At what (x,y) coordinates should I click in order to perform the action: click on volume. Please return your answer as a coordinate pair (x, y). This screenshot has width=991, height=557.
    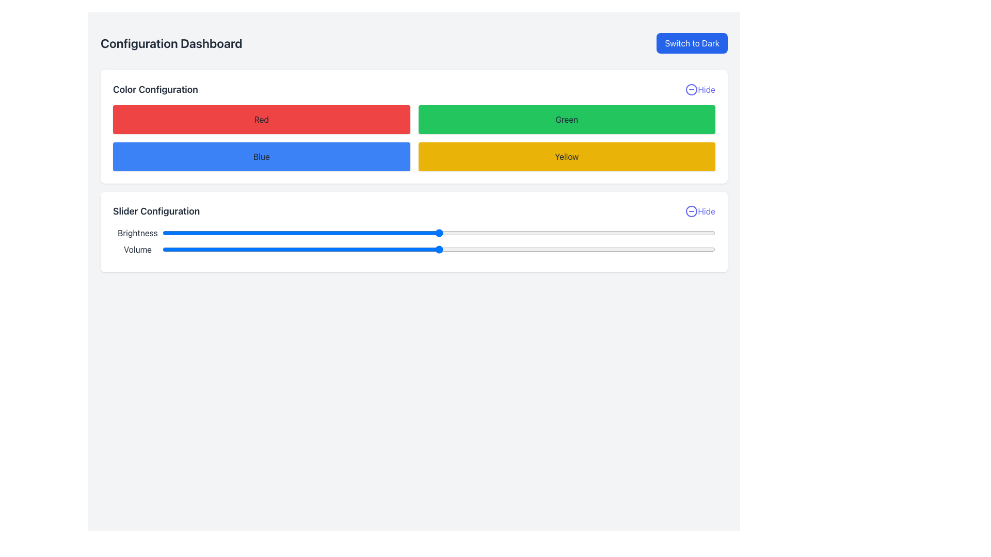
    Looking at the image, I should click on (477, 249).